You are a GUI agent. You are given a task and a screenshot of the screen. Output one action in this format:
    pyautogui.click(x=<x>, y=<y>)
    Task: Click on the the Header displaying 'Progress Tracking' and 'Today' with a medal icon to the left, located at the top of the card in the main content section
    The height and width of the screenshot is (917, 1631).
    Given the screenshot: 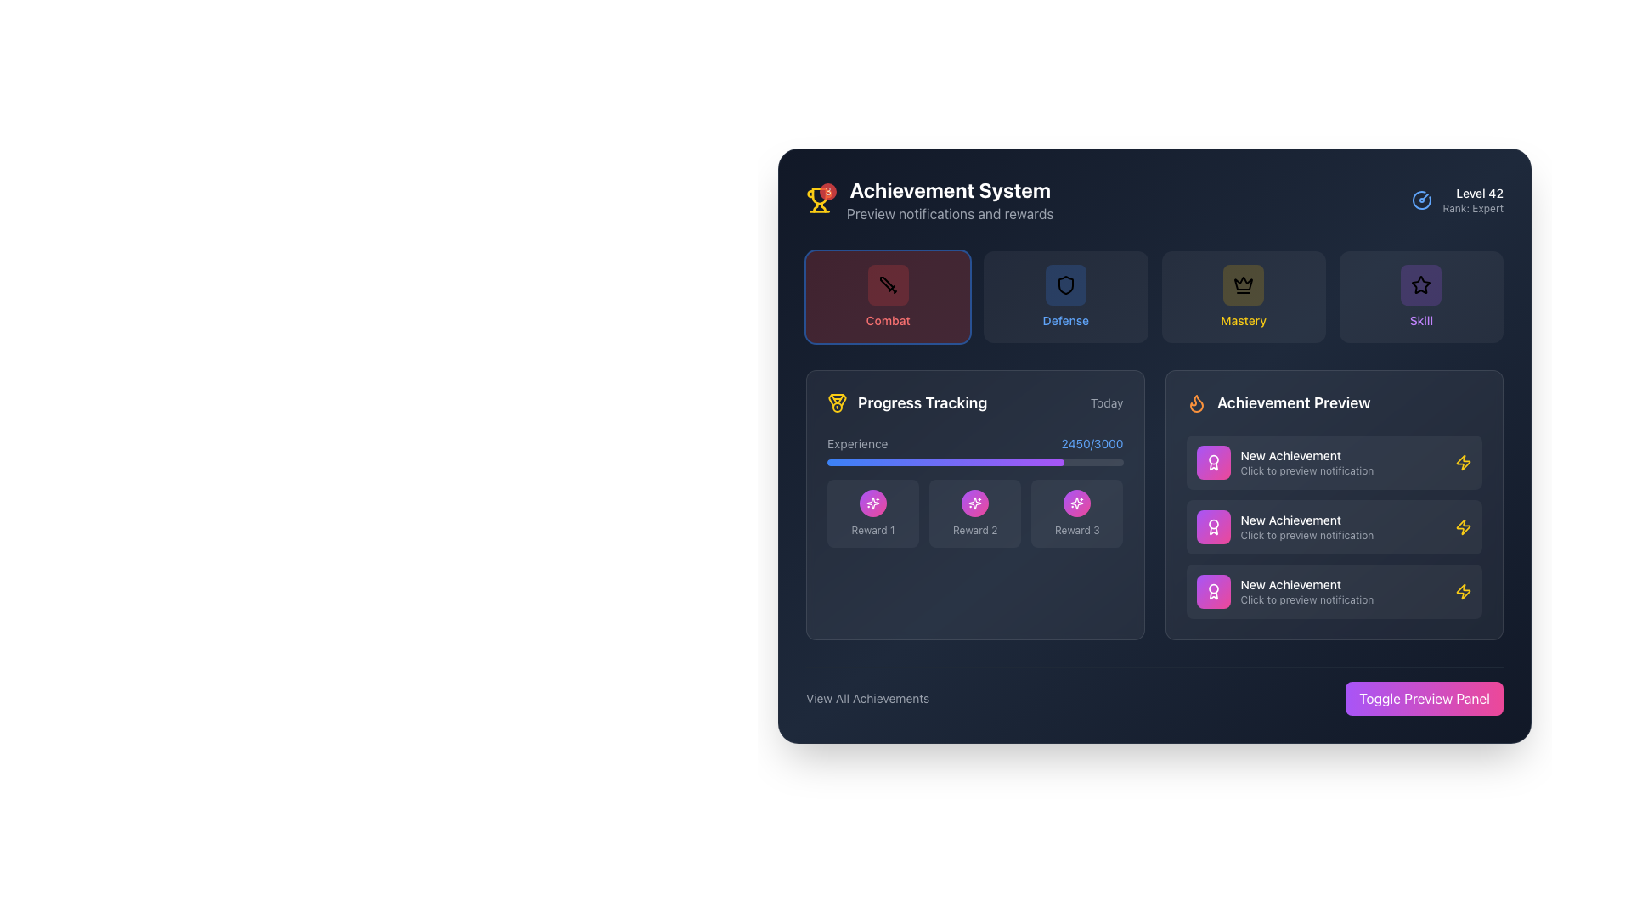 What is the action you would take?
    pyautogui.click(x=975, y=402)
    